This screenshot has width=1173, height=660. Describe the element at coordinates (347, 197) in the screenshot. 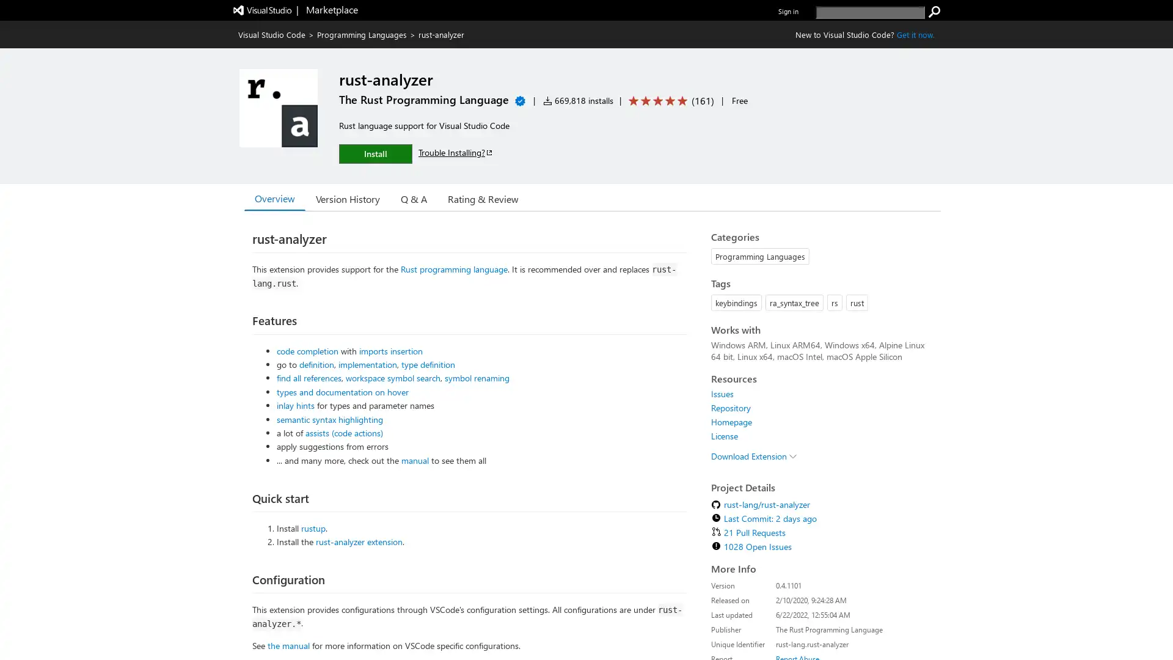

I see `Version History` at that location.